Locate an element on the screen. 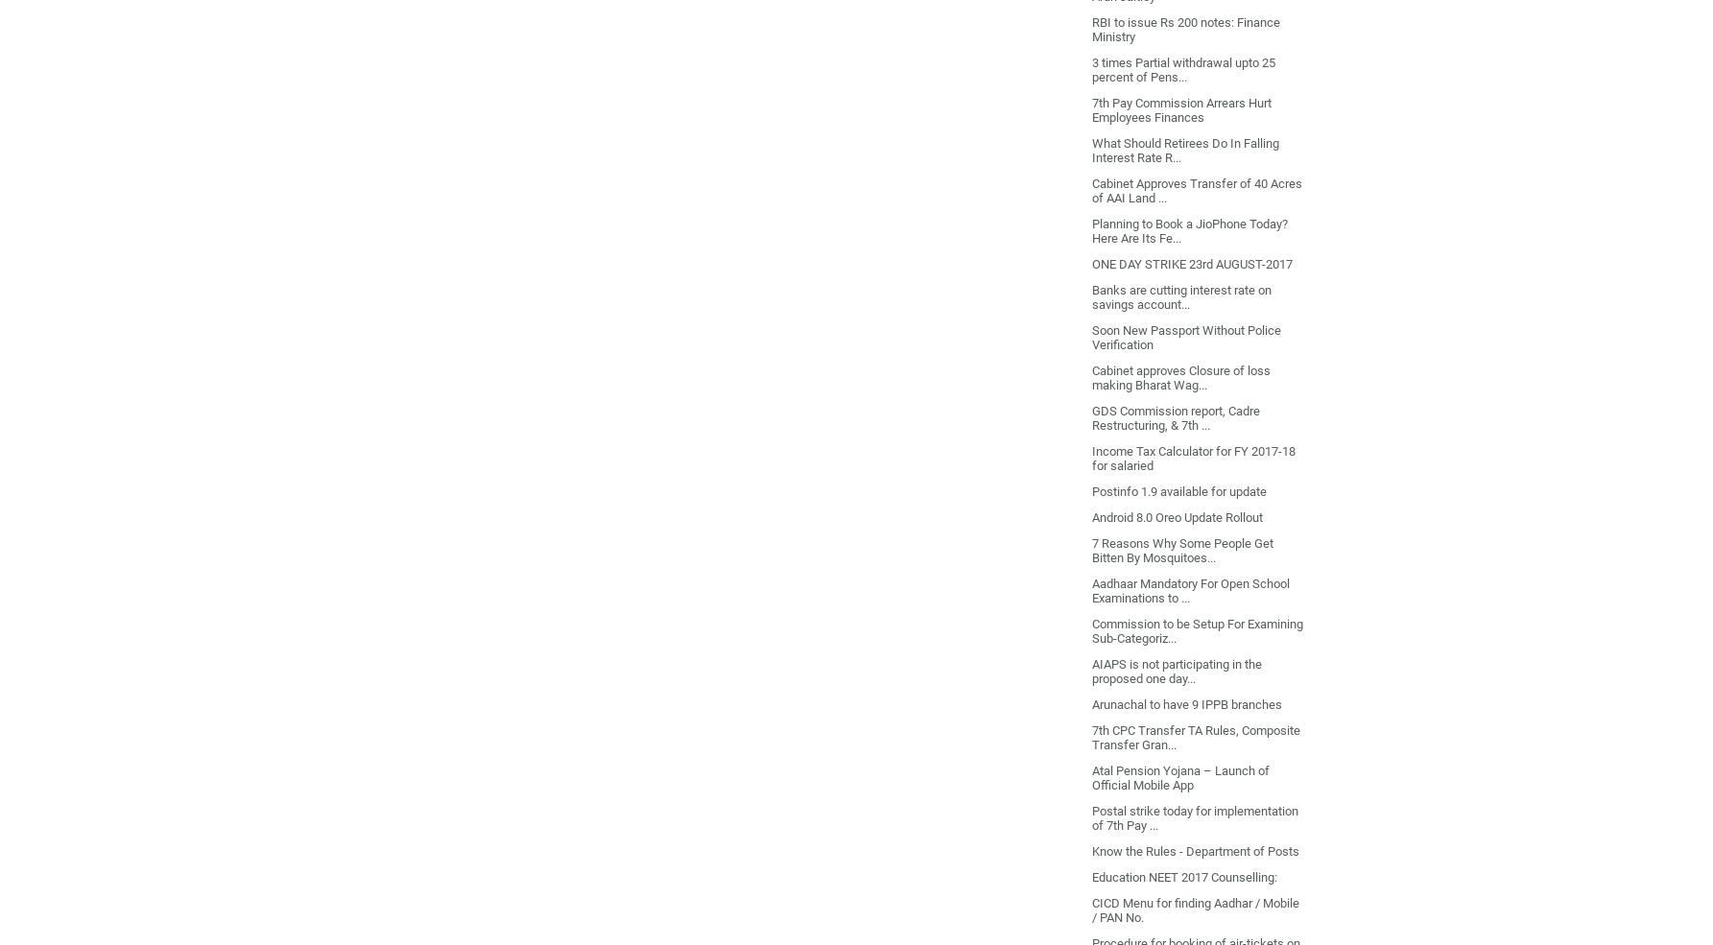  'Commission to be Setup For Examining Sub-Categoriz...' is located at coordinates (1196, 628).